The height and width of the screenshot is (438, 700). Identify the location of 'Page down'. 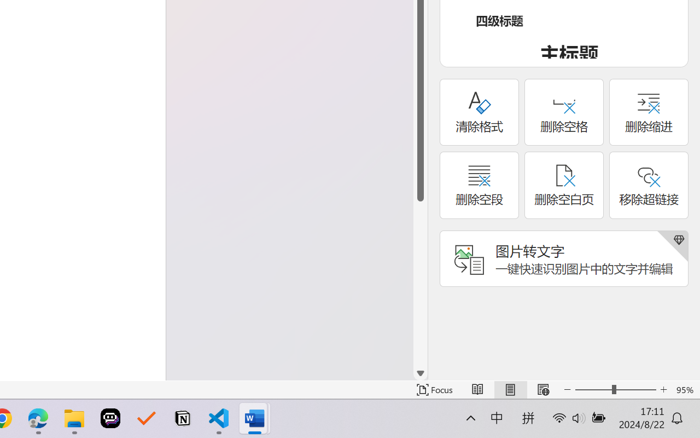
(420, 283).